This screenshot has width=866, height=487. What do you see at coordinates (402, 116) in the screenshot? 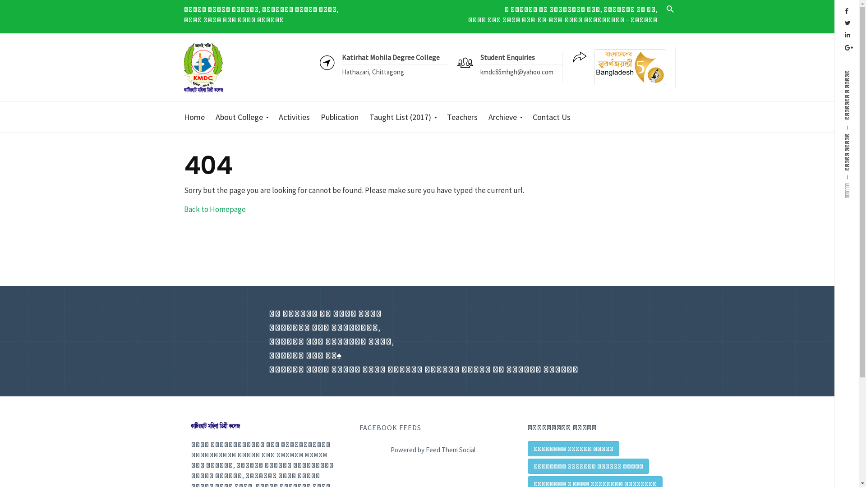
I see `'Taught List (2017)'` at bounding box center [402, 116].